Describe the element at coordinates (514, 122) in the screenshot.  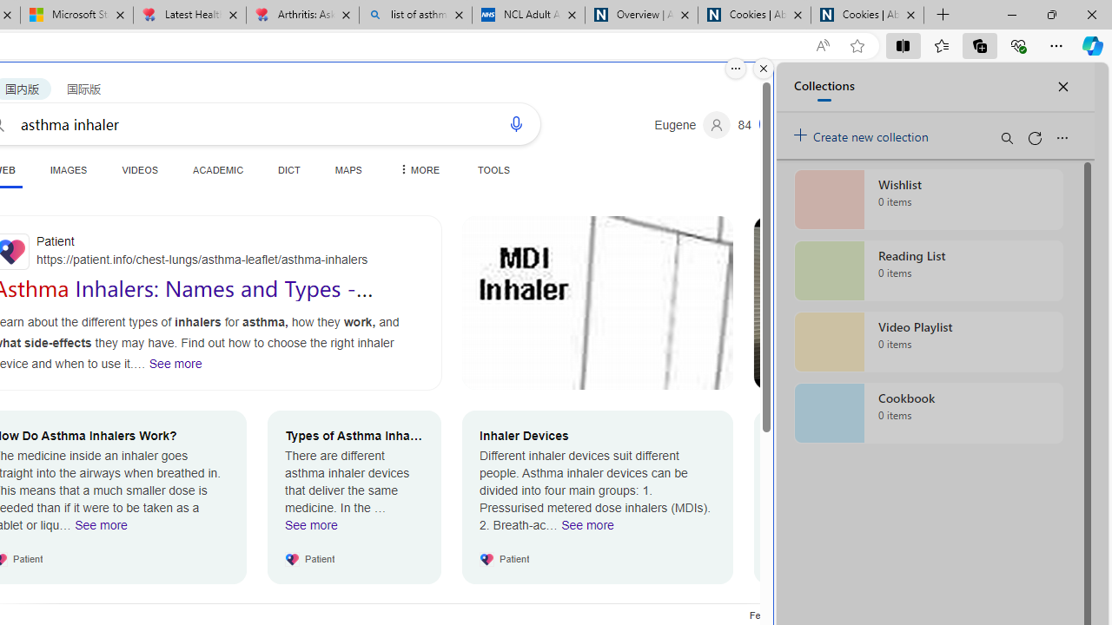
I see `'Search using voice'` at that location.